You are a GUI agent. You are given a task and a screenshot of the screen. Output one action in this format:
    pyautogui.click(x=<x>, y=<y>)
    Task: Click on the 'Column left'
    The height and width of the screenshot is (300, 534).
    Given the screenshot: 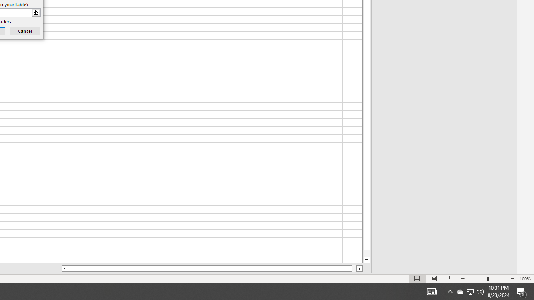 What is the action you would take?
    pyautogui.click(x=64, y=268)
    